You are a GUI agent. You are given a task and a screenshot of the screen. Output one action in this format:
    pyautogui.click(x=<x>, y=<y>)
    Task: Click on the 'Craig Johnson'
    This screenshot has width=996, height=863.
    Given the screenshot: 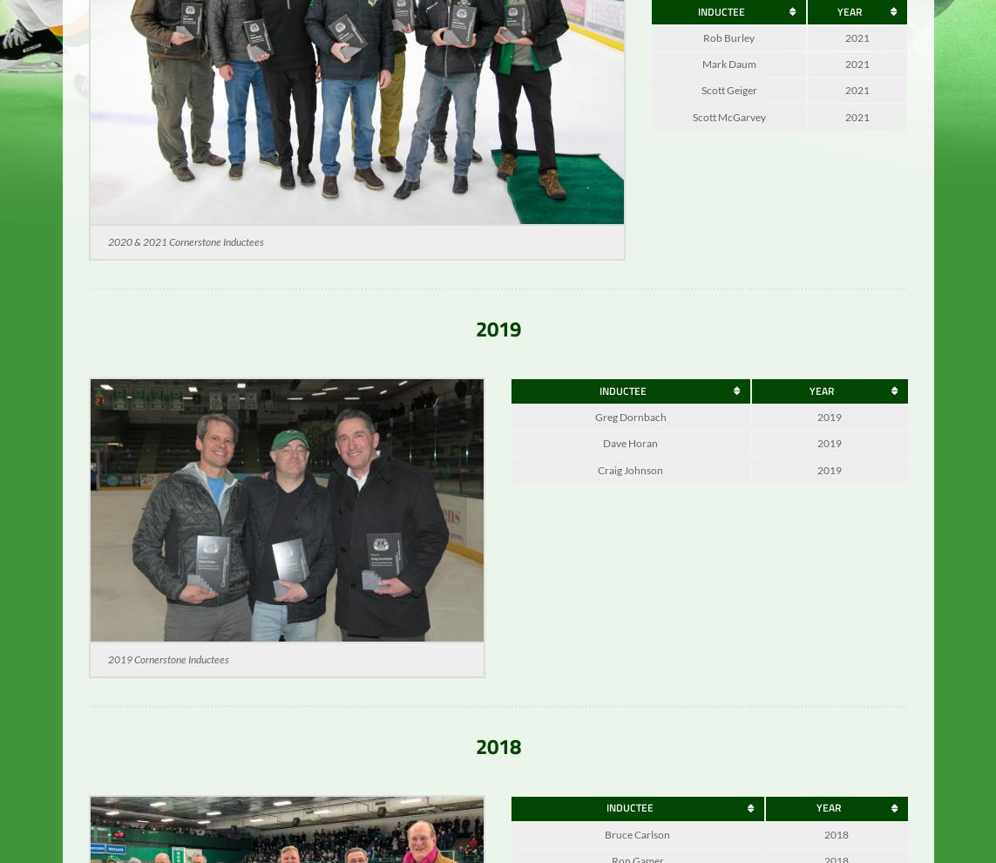 What is the action you would take?
    pyautogui.click(x=630, y=481)
    